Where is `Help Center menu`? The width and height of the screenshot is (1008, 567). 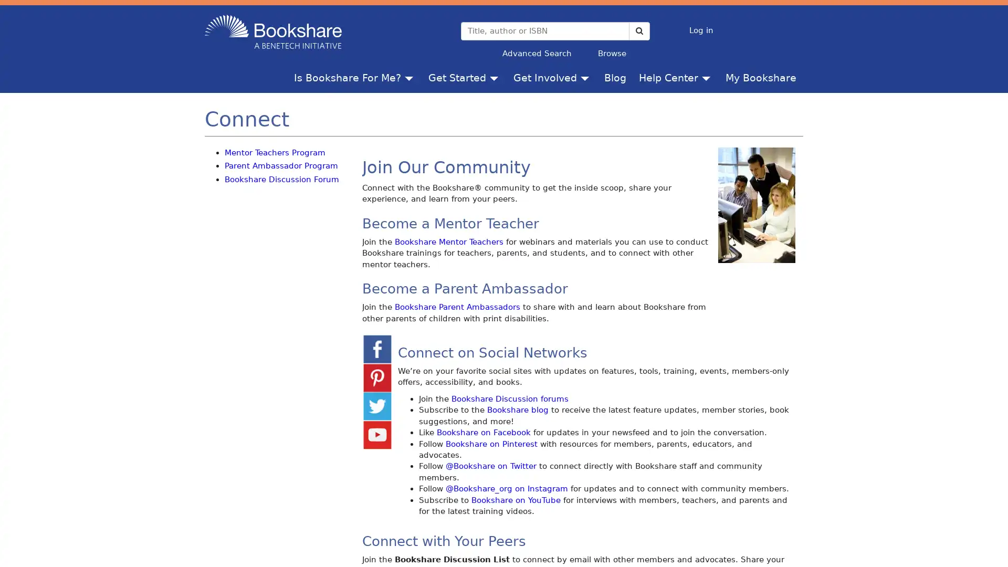
Help Center menu is located at coordinates (708, 77).